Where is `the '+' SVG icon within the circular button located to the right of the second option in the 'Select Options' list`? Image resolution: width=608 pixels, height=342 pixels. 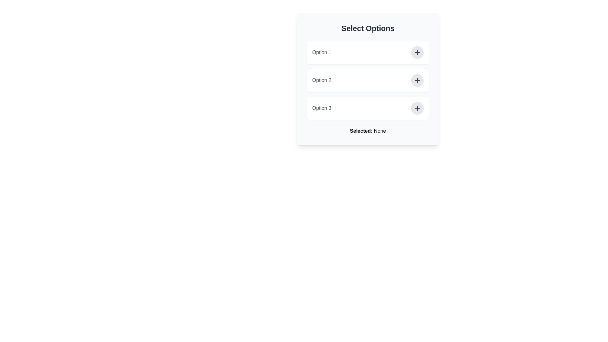 the '+' SVG icon within the circular button located to the right of the second option in the 'Select Options' list is located at coordinates (417, 80).